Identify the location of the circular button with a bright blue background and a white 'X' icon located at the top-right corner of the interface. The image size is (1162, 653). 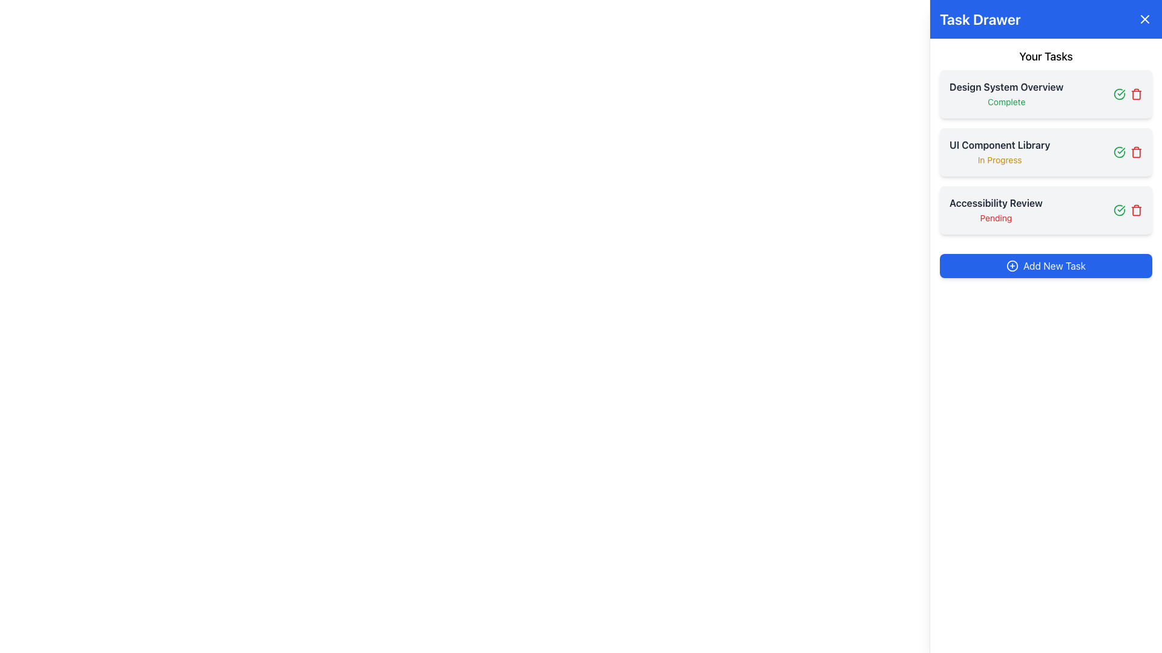
(1137, 24).